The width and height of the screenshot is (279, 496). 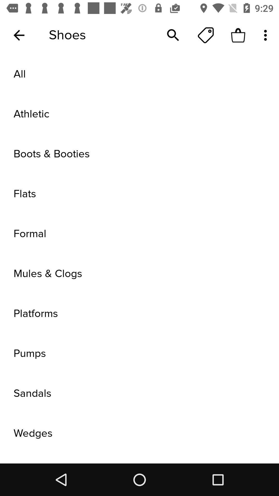 I want to click on the item below formal item, so click(x=139, y=273).